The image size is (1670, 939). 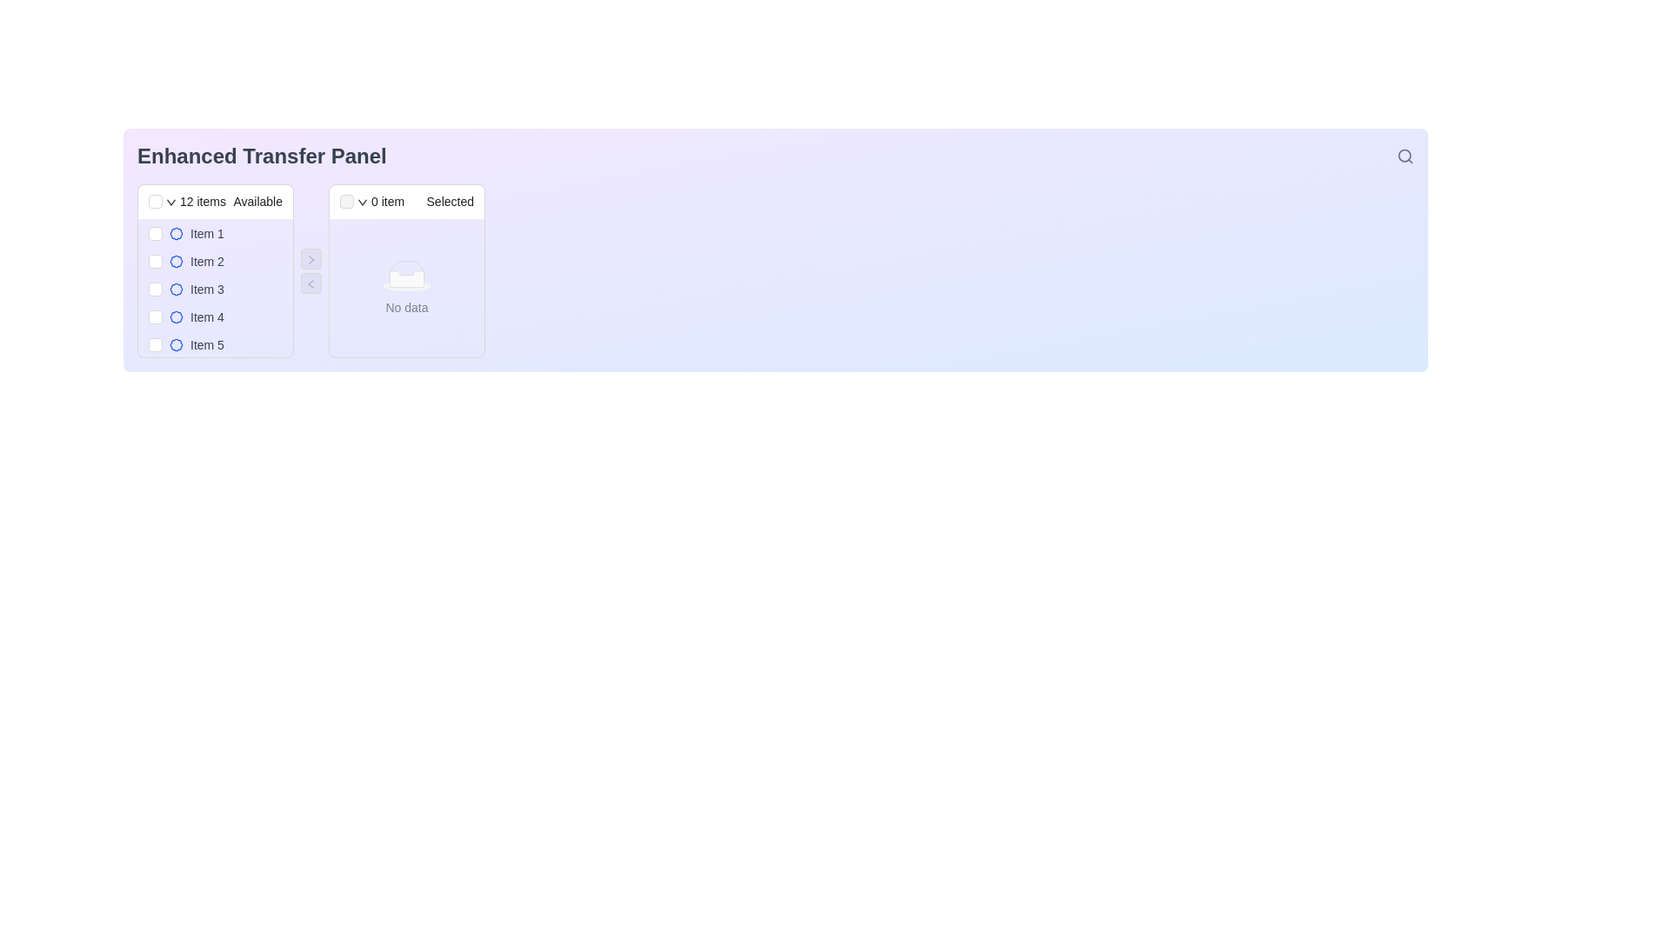 I want to click on the selection indicator associated with the text label 'Item 3' in the selectable list under the panel labeled 'Available', so click(x=207, y=288).